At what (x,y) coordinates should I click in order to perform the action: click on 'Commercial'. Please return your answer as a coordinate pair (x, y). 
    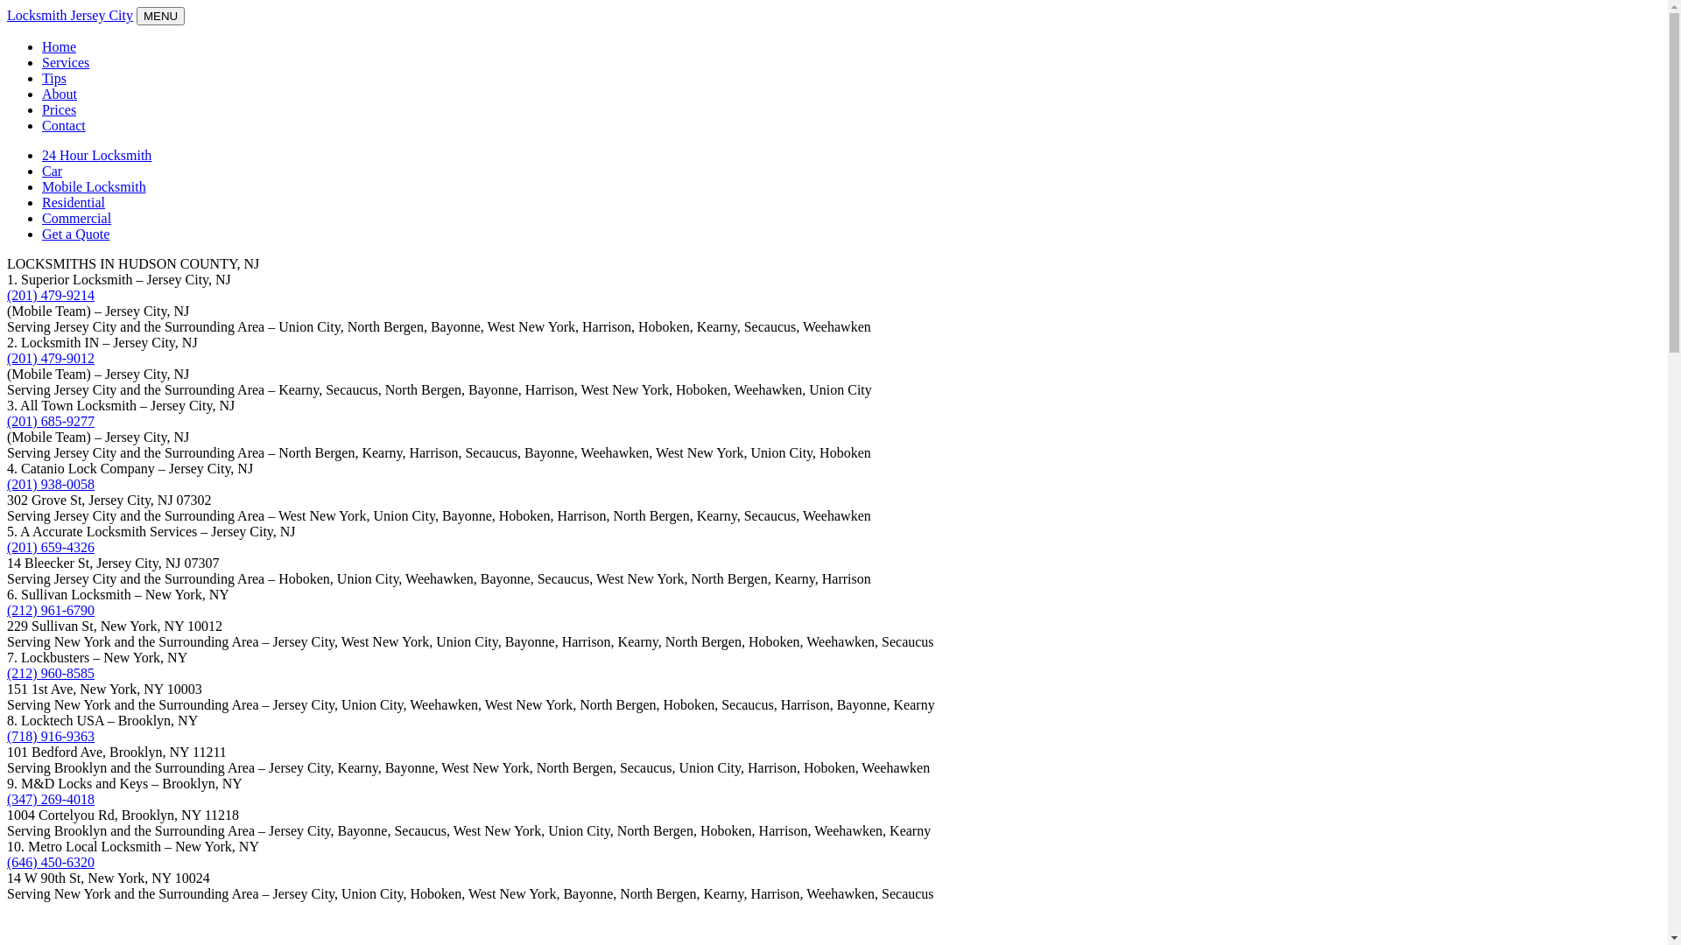
    Looking at the image, I should click on (42, 217).